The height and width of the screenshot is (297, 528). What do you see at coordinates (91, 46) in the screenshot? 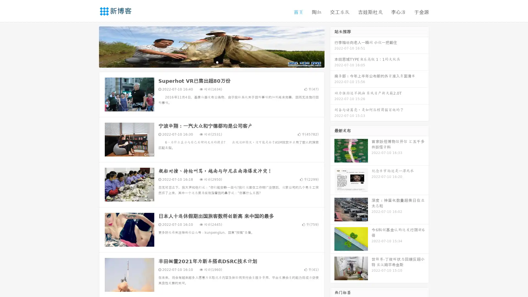
I see `Previous slide` at bounding box center [91, 46].